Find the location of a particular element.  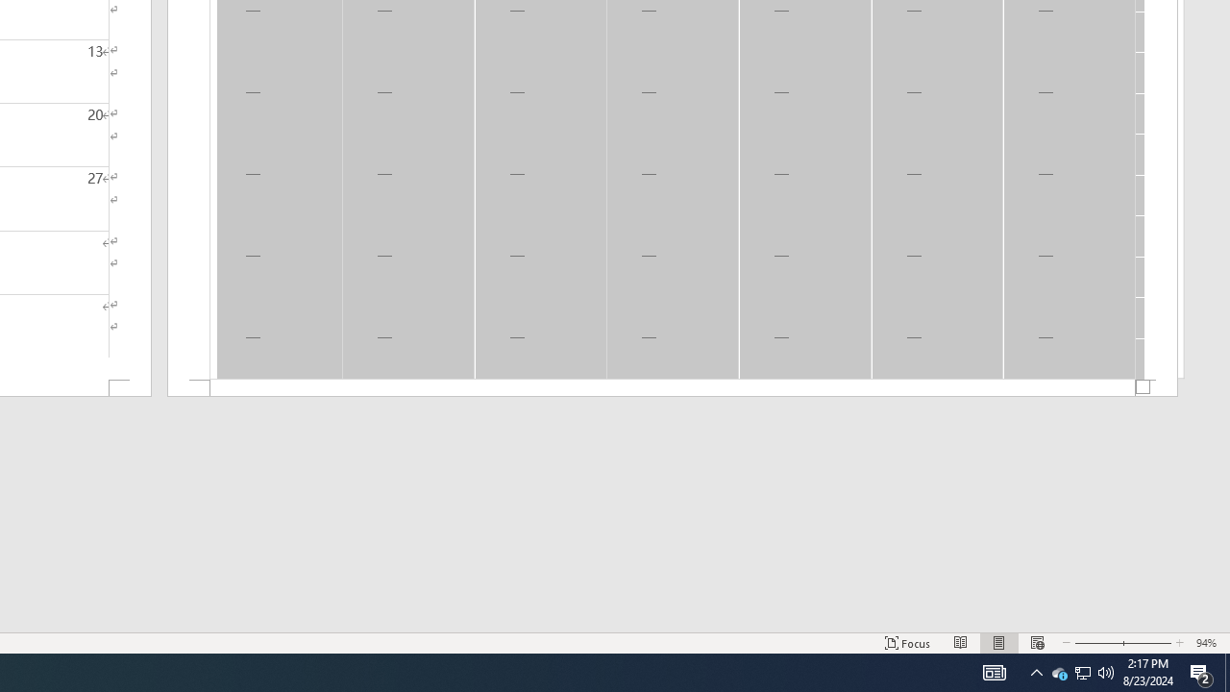

'Footer -Section 1-' is located at coordinates (673, 388).